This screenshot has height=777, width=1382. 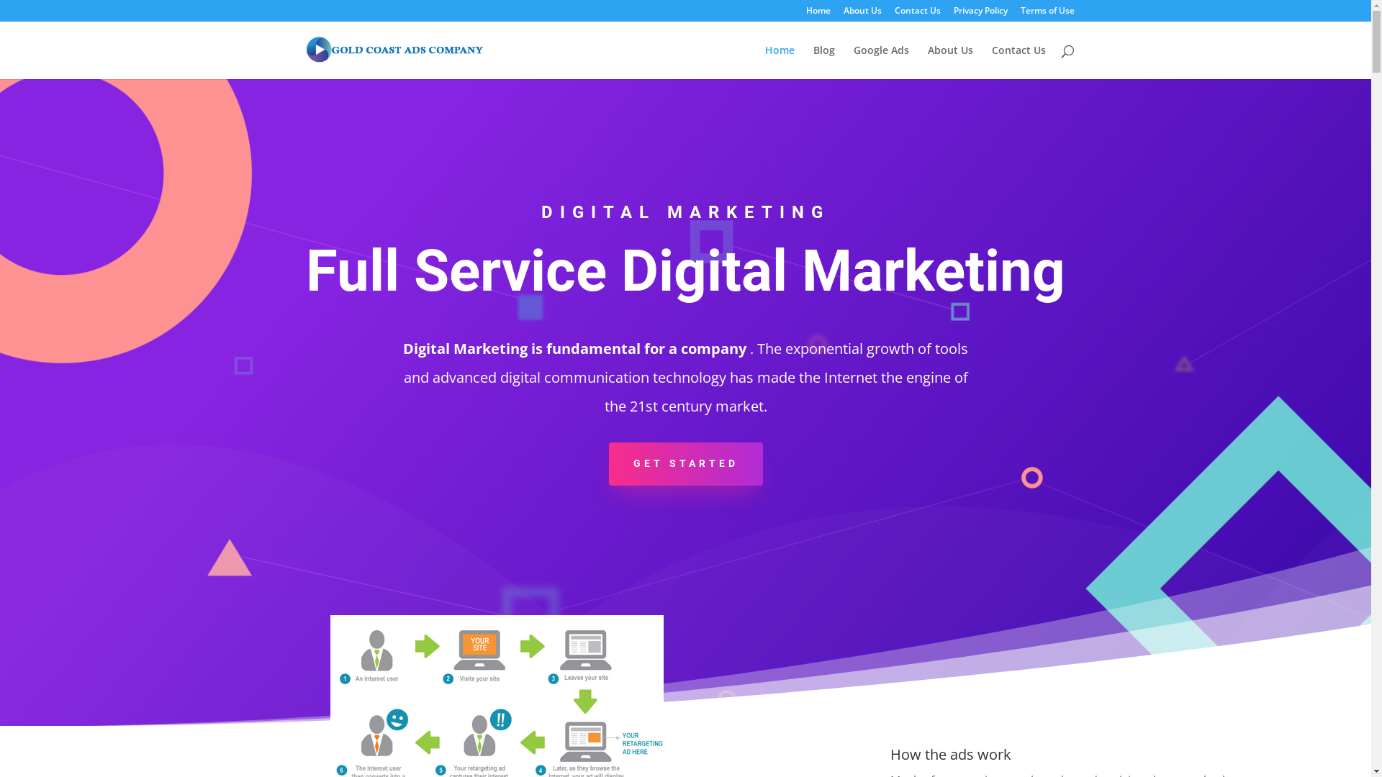 What do you see at coordinates (880, 61) in the screenshot?
I see `'Google Ads'` at bounding box center [880, 61].